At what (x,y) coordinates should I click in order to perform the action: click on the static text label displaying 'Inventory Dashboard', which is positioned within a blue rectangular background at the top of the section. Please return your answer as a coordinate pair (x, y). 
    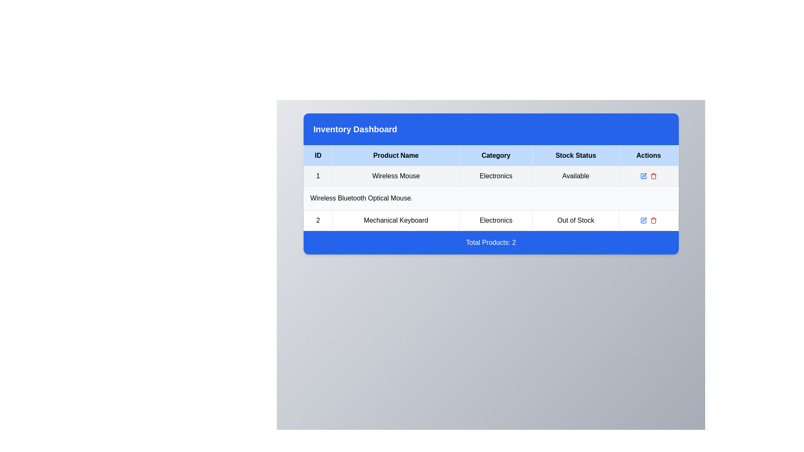
    Looking at the image, I should click on (355, 129).